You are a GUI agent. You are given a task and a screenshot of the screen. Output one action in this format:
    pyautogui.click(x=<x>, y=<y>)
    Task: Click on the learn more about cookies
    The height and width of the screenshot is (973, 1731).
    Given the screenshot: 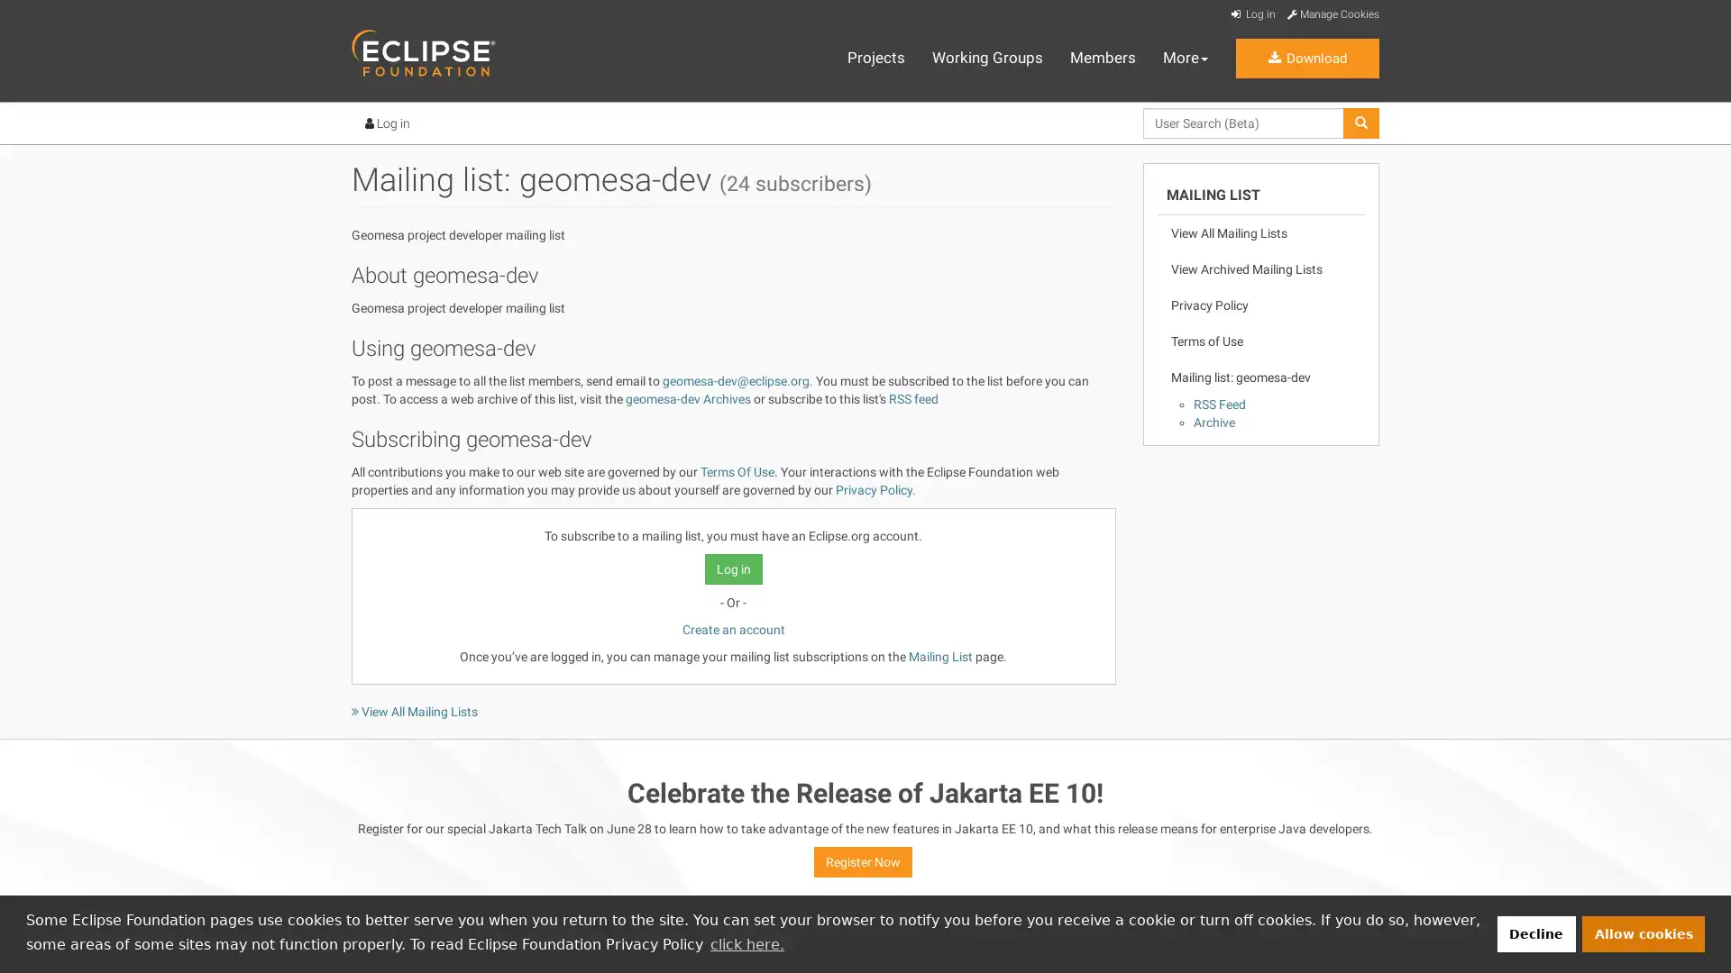 What is the action you would take?
    pyautogui.click(x=746, y=943)
    